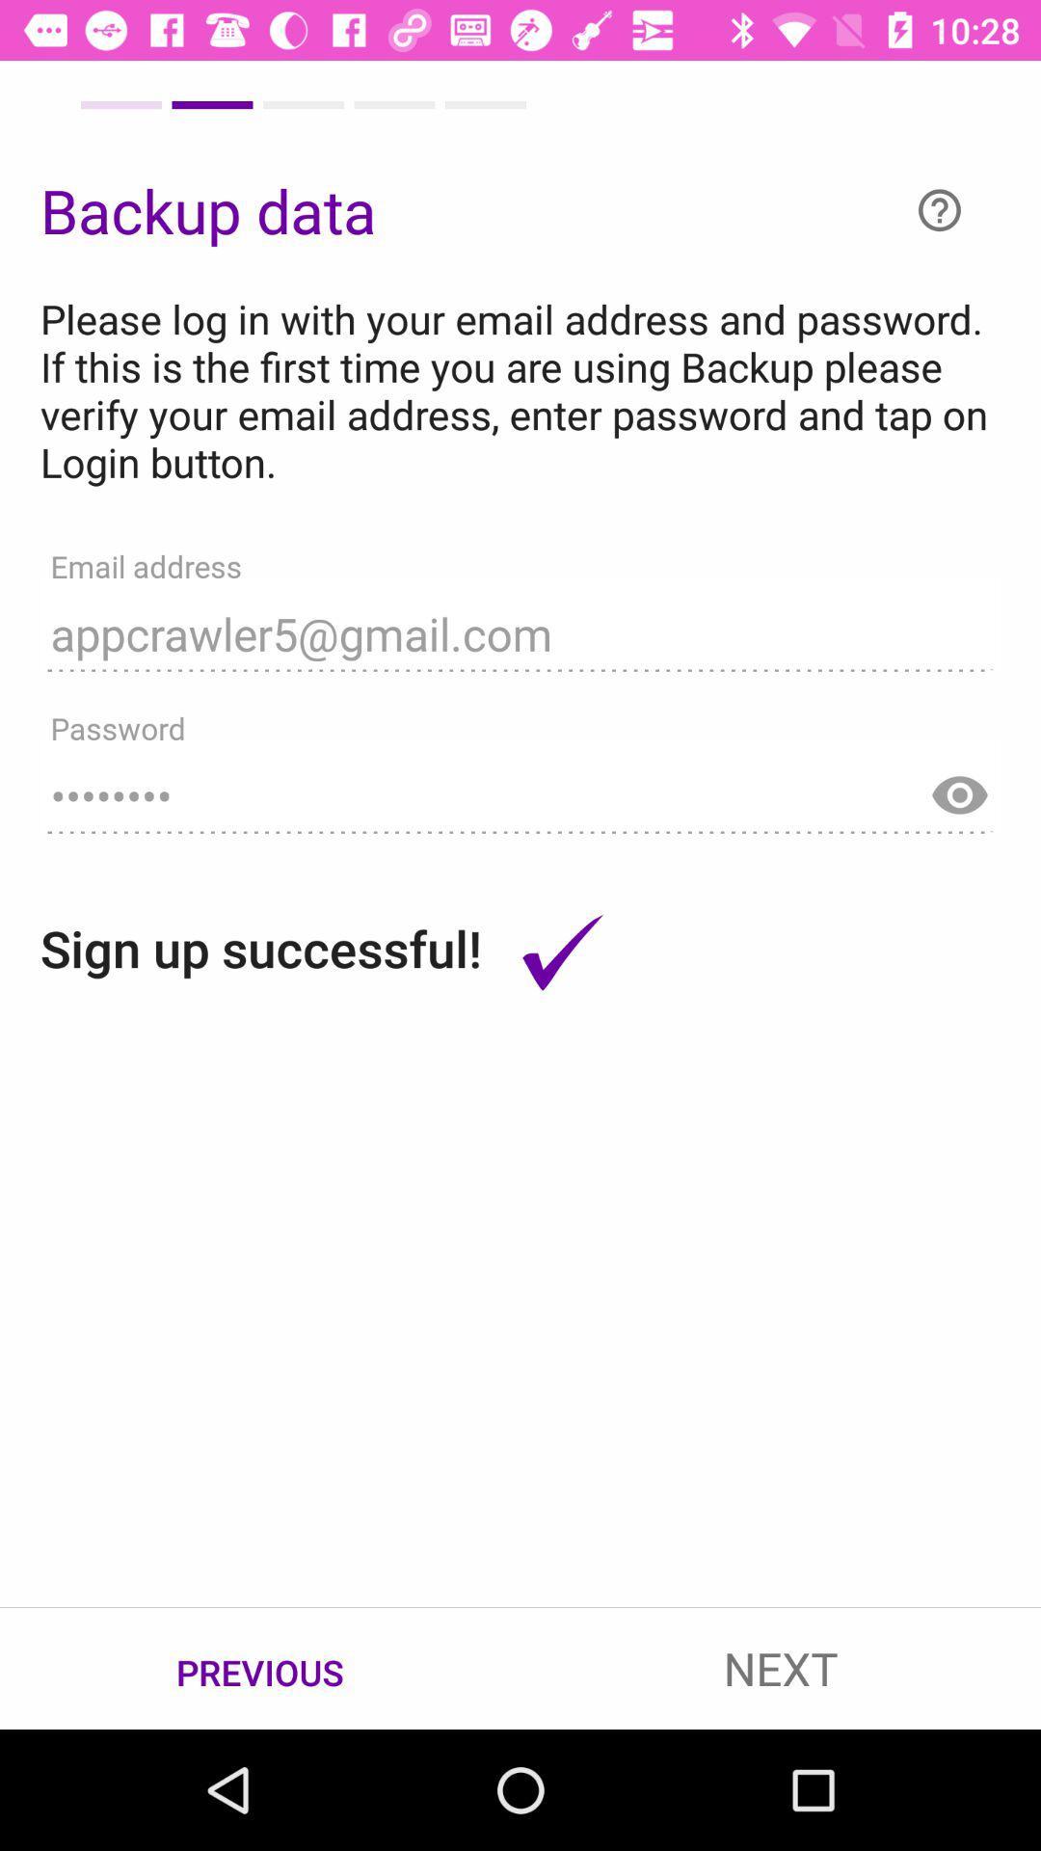 This screenshot has width=1041, height=1851. What do you see at coordinates (939, 210) in the screenshot?
I see `item to the right of backup data icon` at bounding box center [939, 210].